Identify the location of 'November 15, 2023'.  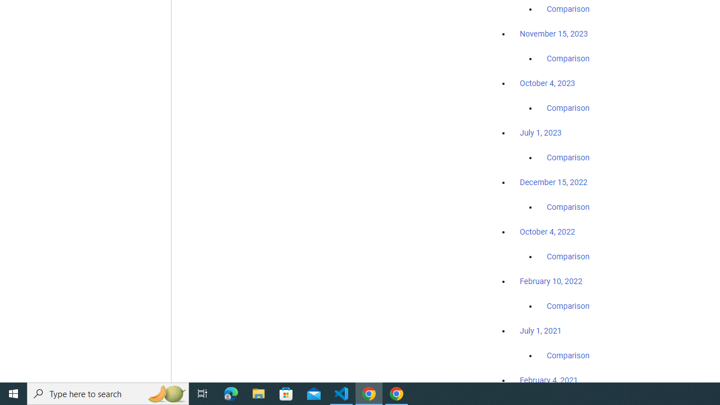
(553, 33).